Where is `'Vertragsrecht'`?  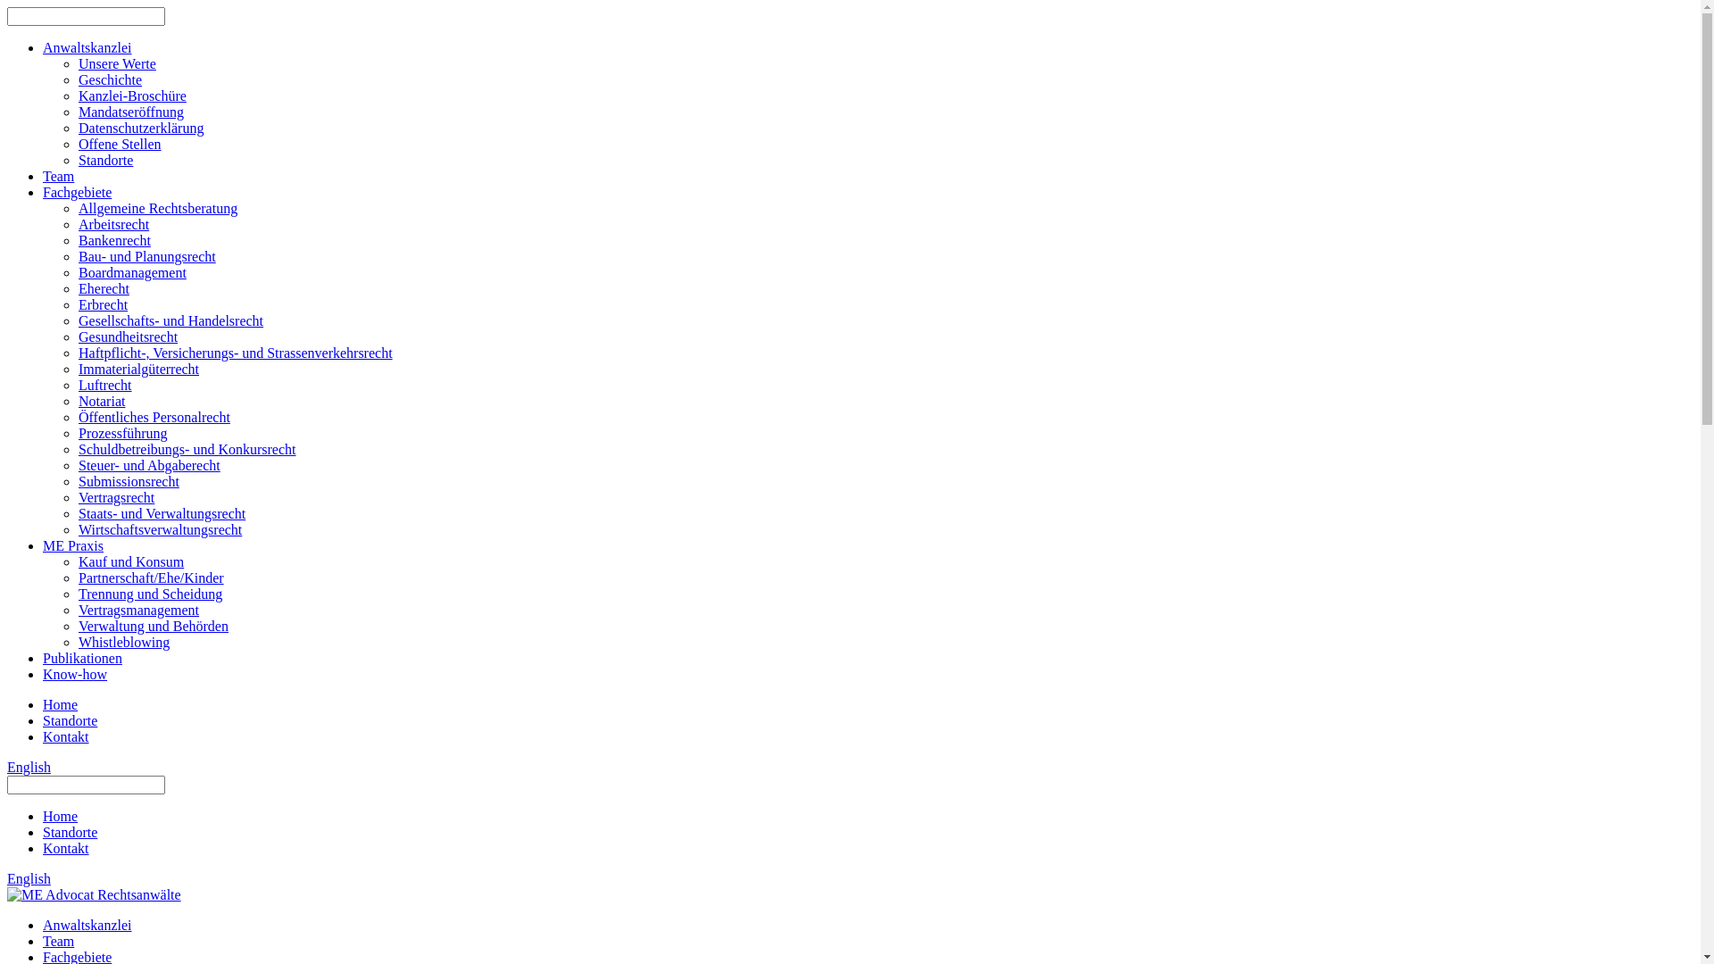
'Vertragsrecht' is located at coordinates (115, 497).